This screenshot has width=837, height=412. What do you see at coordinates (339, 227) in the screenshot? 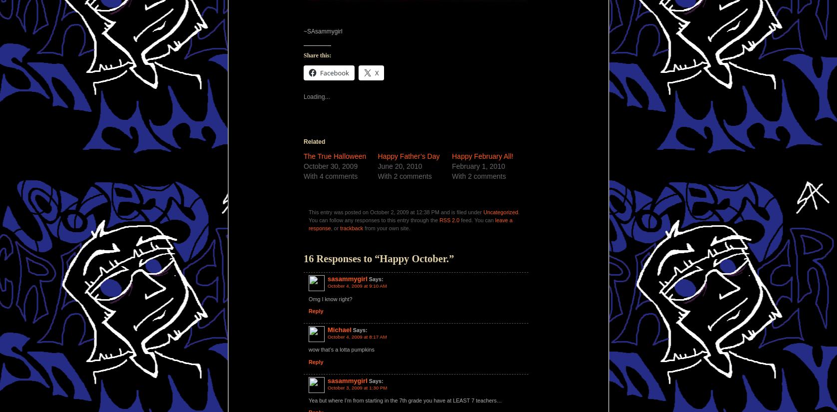
I see `'trackback'` at bounding box center [339, 227].